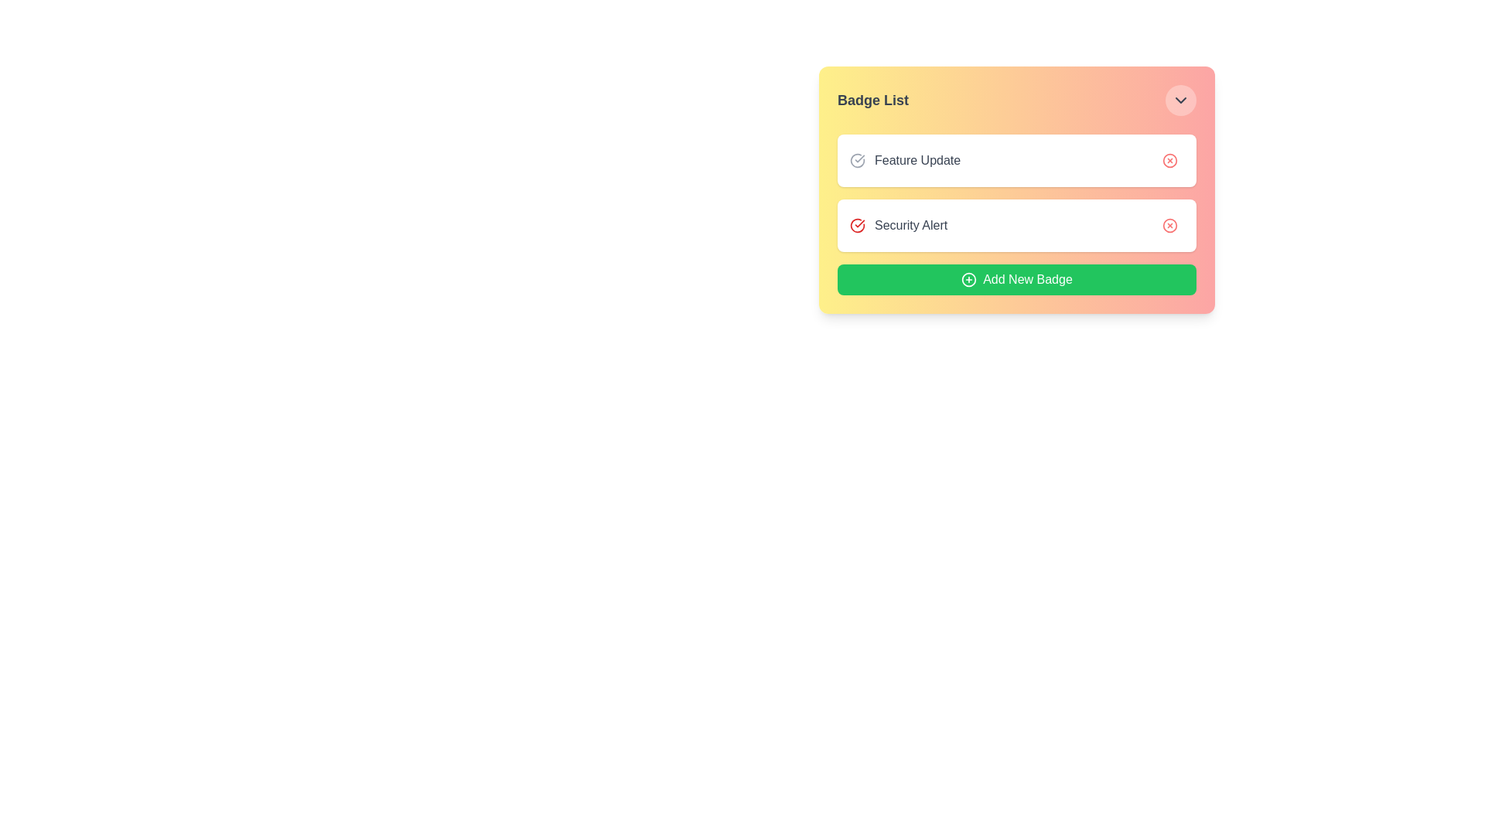 The image size is (1485, 835). Describe the element at coordinates (1179, 101) in the screenshot. I see `the chevron icon in the top-right corner of the badge list card` at that location.